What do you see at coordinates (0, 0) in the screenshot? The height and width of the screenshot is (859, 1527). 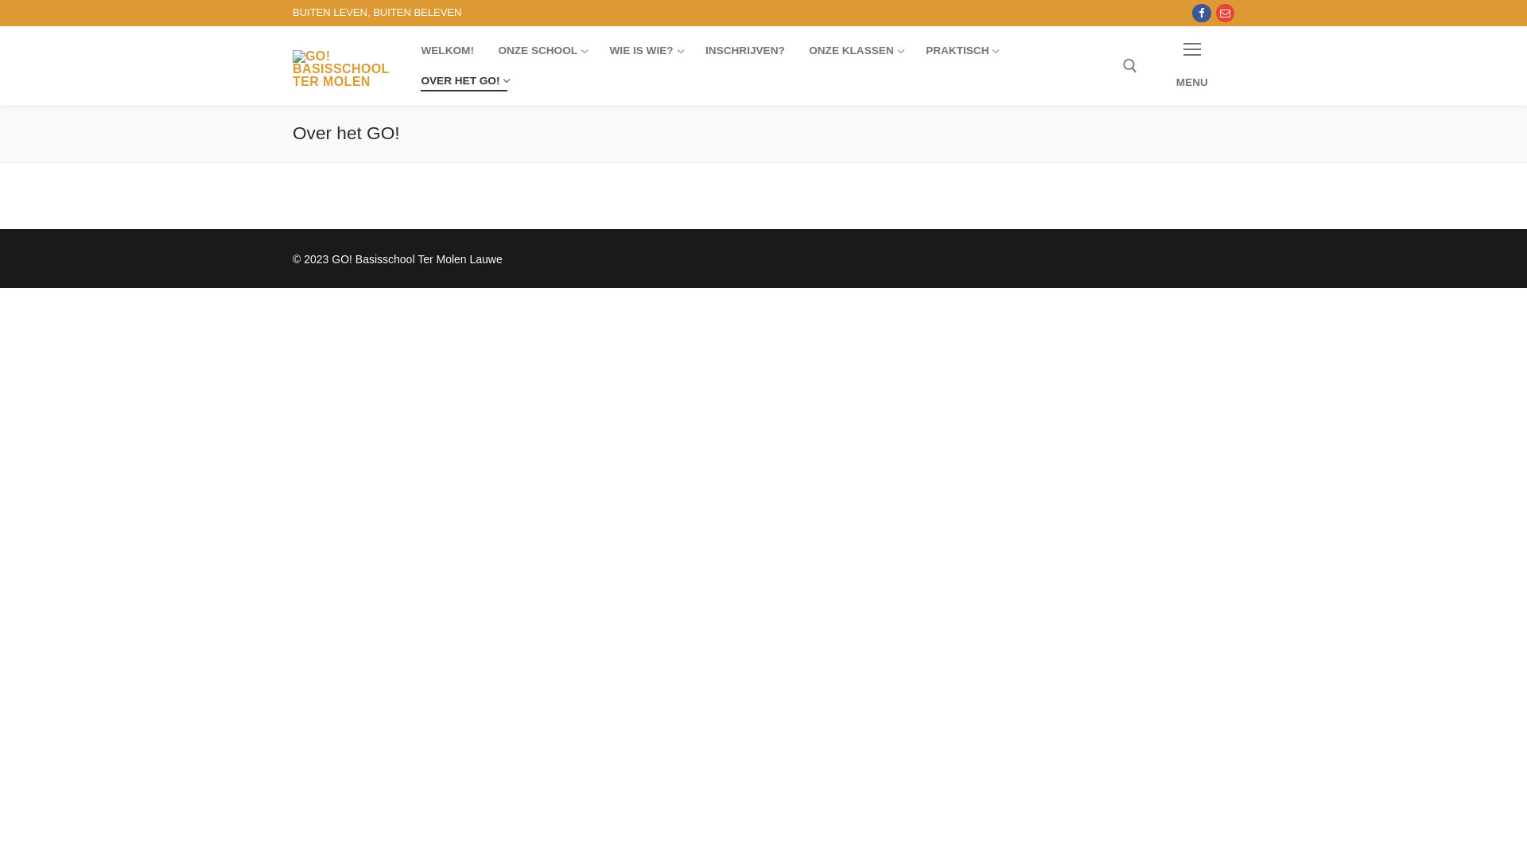 I see `'Spring naar de inhoud'` at bounding box center [0, 0].